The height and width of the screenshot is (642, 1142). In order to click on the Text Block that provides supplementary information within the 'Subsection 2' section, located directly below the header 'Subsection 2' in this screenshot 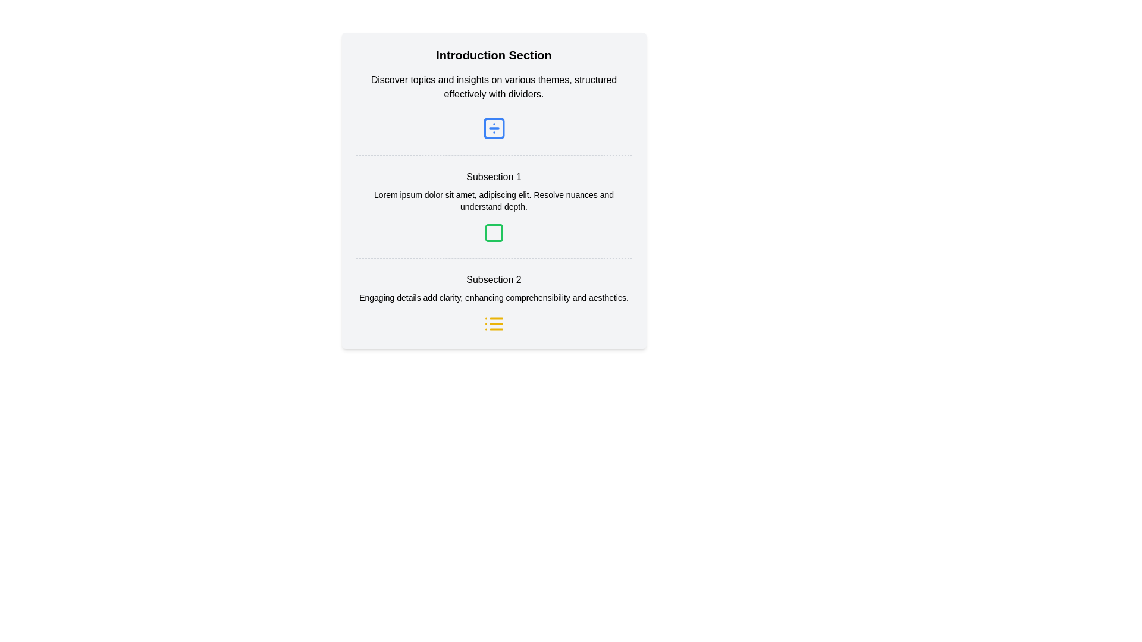, I will do `click(494, 297)`.